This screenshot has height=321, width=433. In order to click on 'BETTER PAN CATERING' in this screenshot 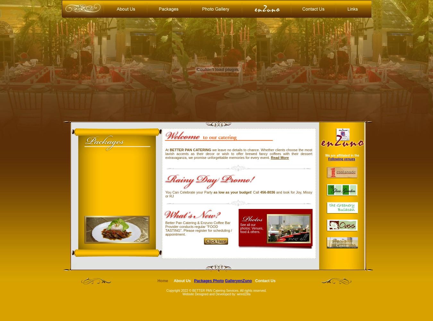, I will do `click(169, 150)`.